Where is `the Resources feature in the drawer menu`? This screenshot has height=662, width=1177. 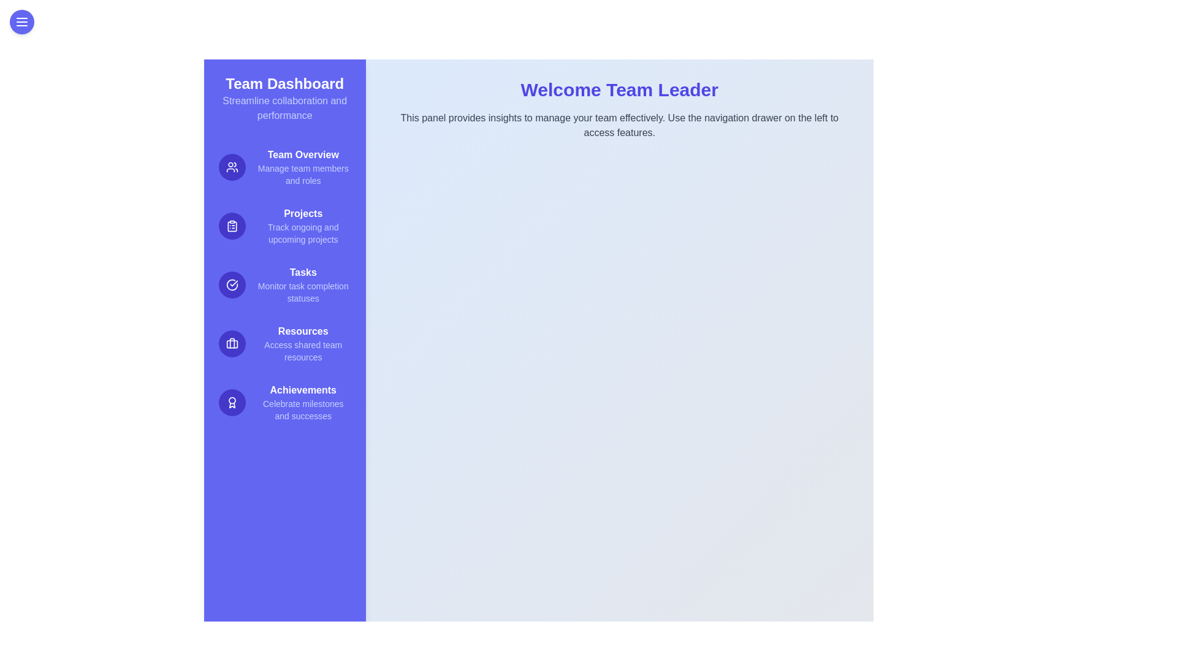
the Resources feature in the drawer menu is located at coordinates (284, 343).